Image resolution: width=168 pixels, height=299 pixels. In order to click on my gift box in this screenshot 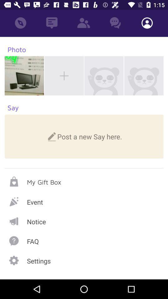, I will do `click(84, 181)`.